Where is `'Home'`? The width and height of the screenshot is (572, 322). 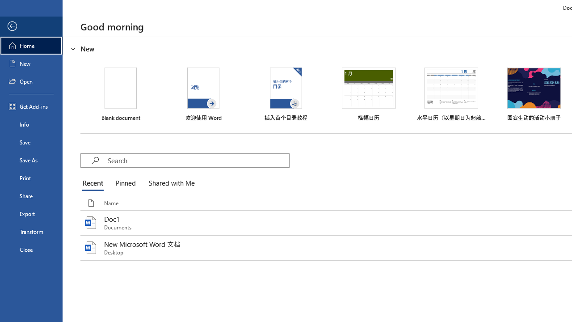 'Home' is located at coordinates (31, 45).